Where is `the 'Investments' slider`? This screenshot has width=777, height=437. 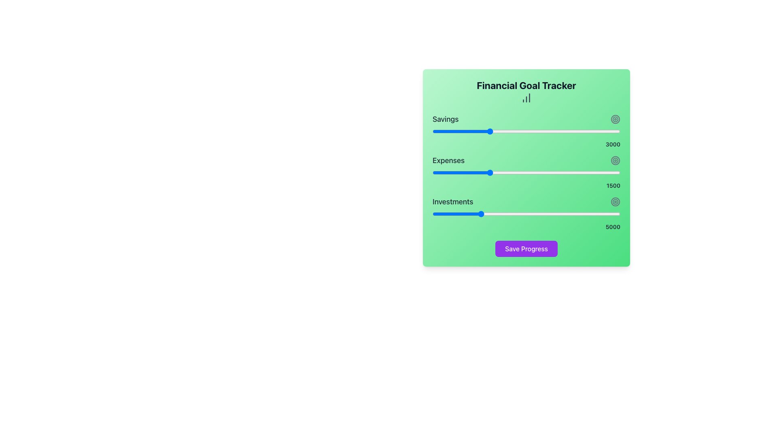
the 'Investments' slider is located at coordinates (557, 213).